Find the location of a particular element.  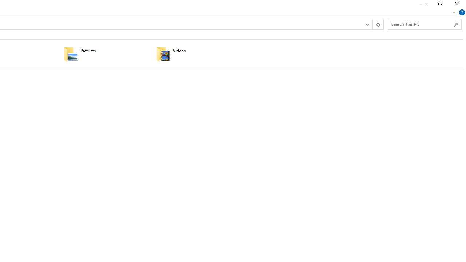

'Pictures' is located at coordinates (104, 54).